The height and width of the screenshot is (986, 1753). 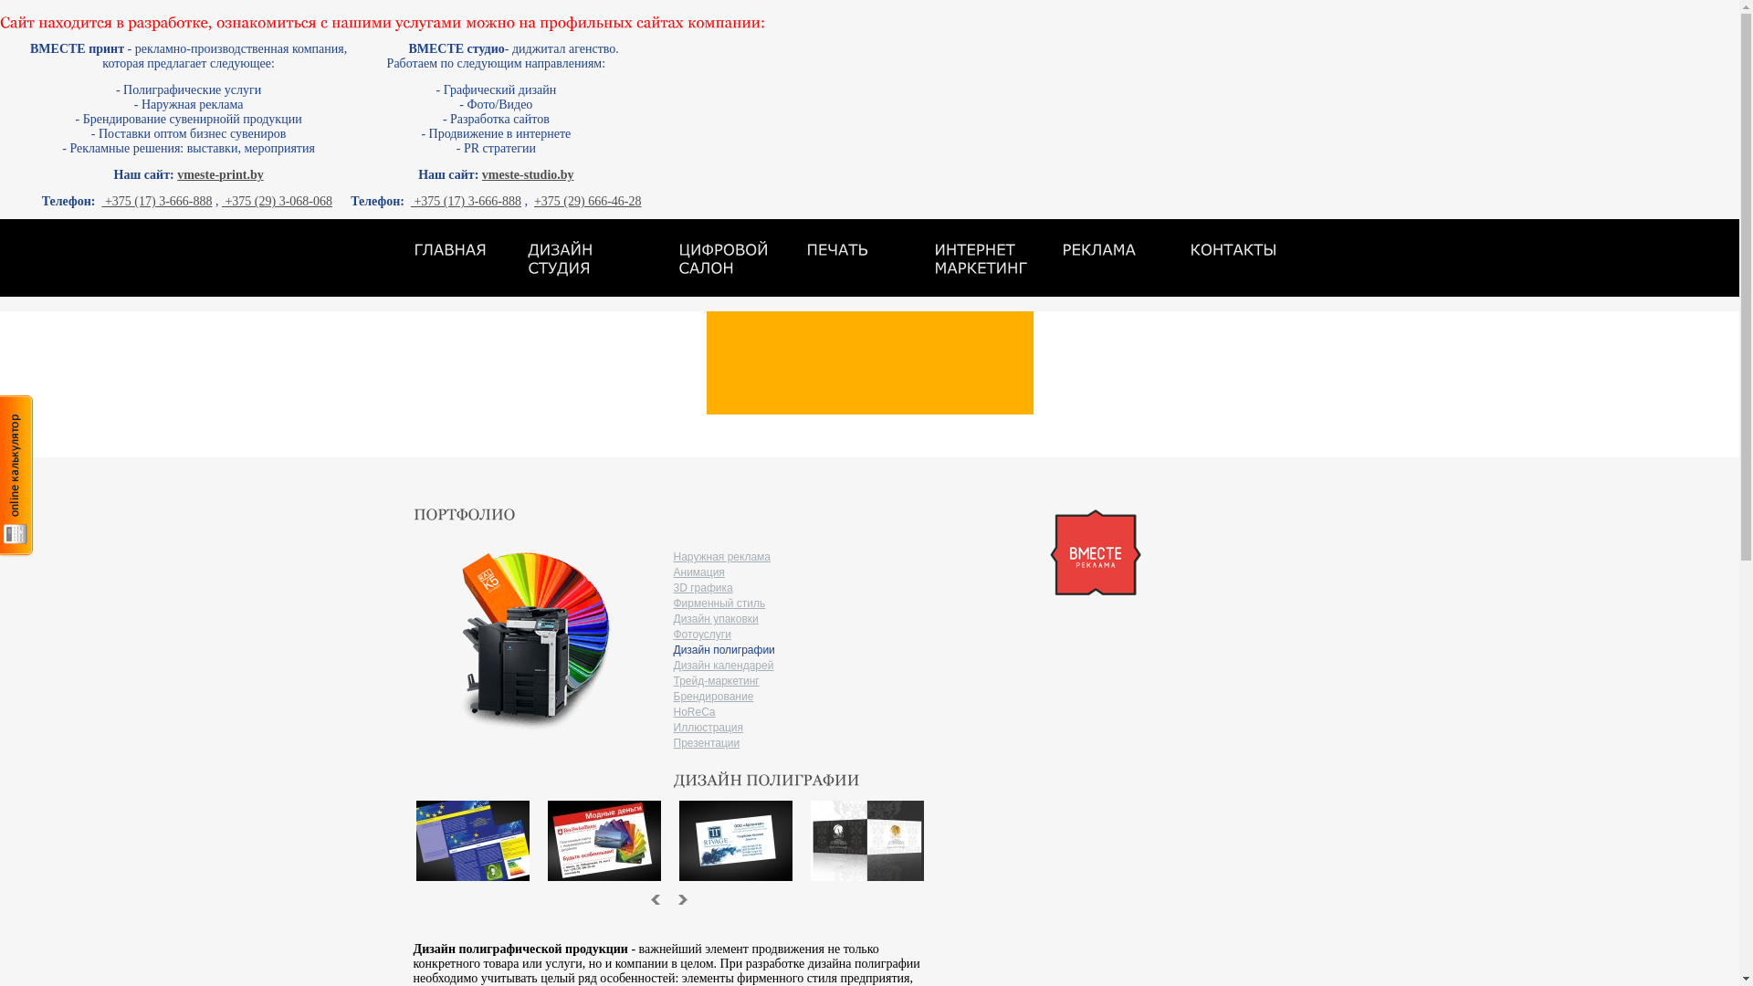 I want to click on '+375 (29) 666-46-28', so click(x=587, y=201).